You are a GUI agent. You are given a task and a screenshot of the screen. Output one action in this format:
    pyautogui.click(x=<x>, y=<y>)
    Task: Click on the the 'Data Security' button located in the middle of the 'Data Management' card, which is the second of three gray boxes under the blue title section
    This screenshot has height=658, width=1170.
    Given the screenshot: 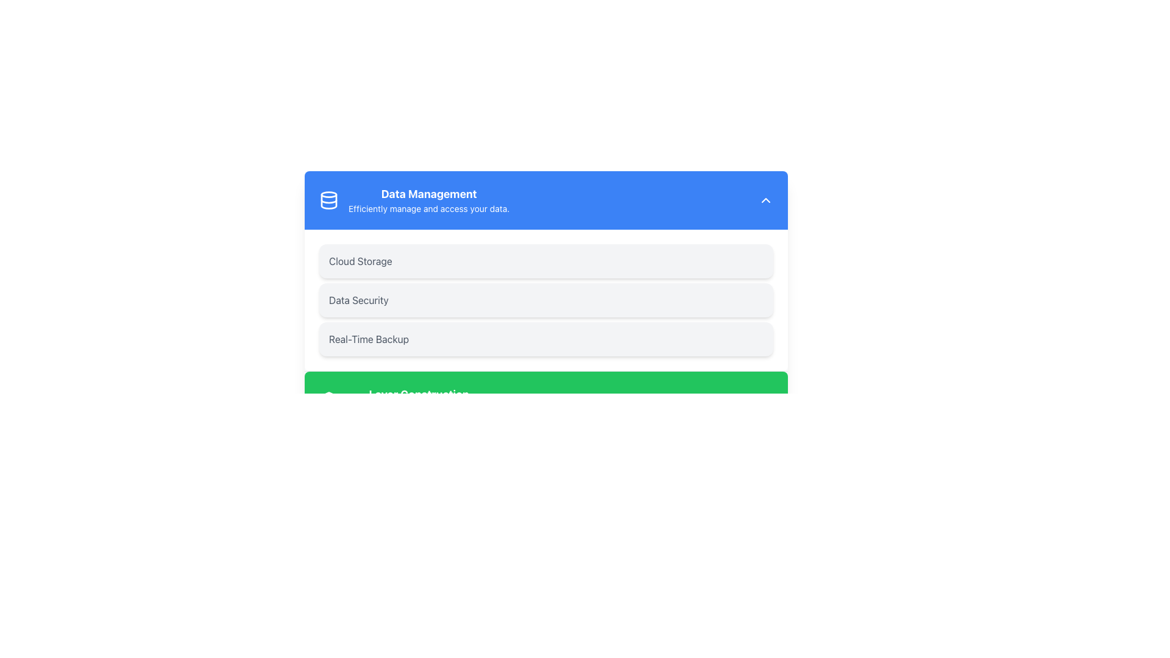 What is the action you would take?
    pyautogui.click(x=545, y=300)
    